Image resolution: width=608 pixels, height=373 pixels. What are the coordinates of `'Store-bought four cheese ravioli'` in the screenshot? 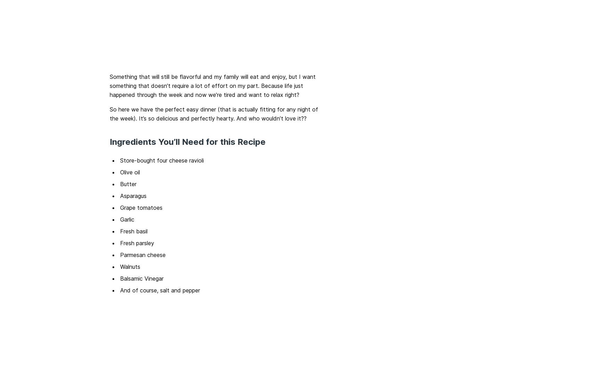 It's located at (162, 159).